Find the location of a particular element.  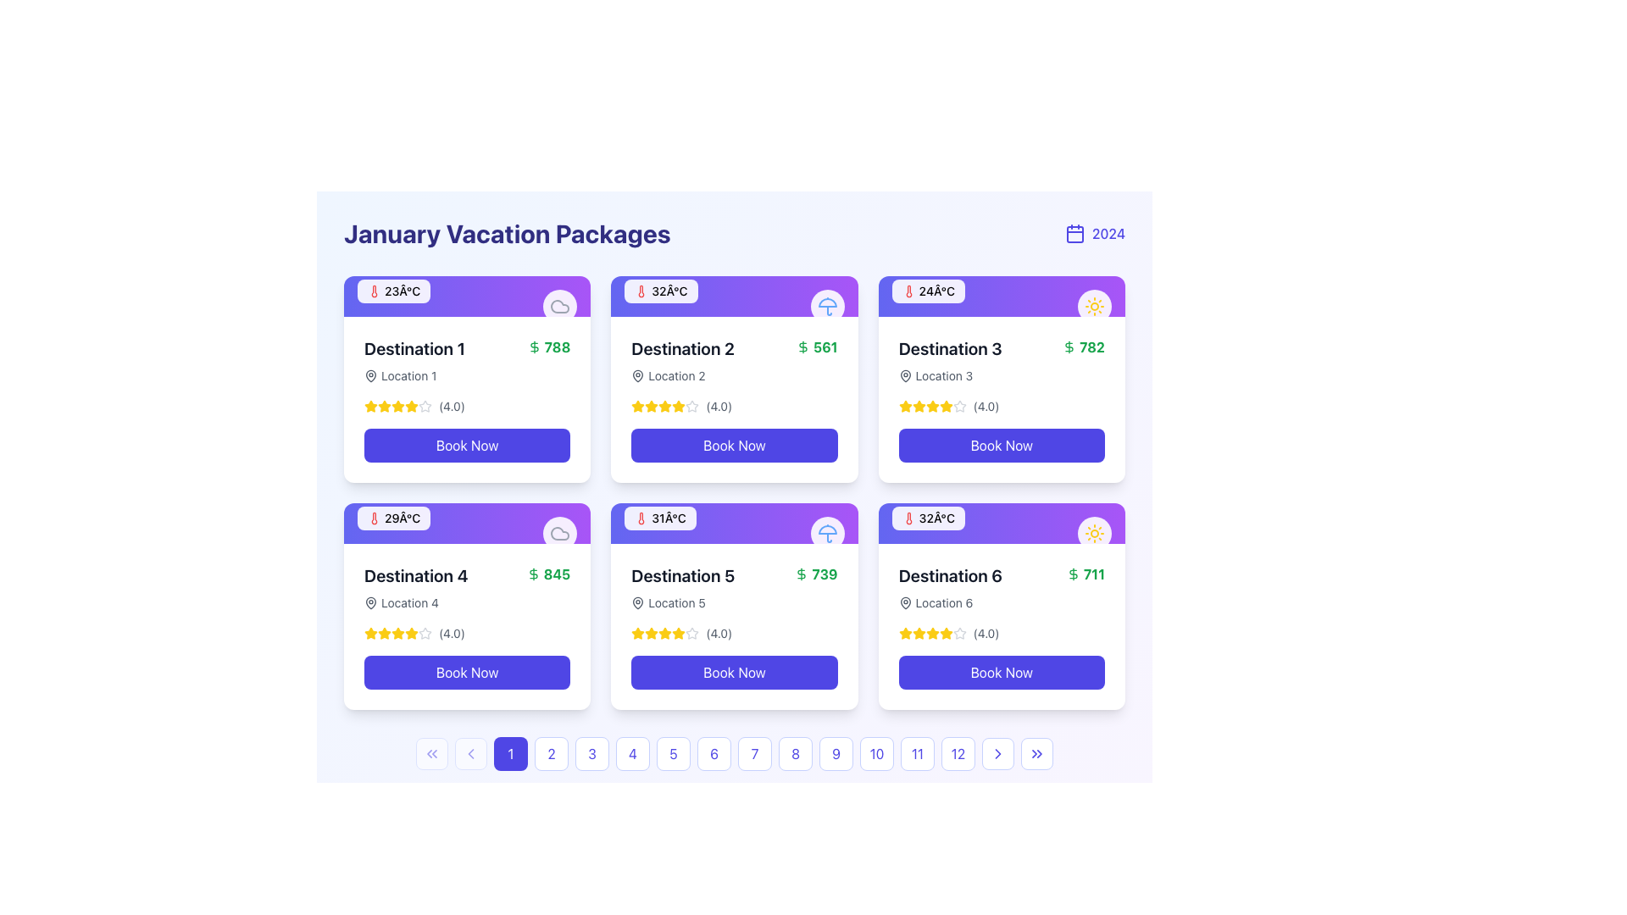

the Informational banner displaying the temperature and weather condition for 'Destination 3', located in the top section of the card in the third column of the grid is located at coordinates (1002, 296).